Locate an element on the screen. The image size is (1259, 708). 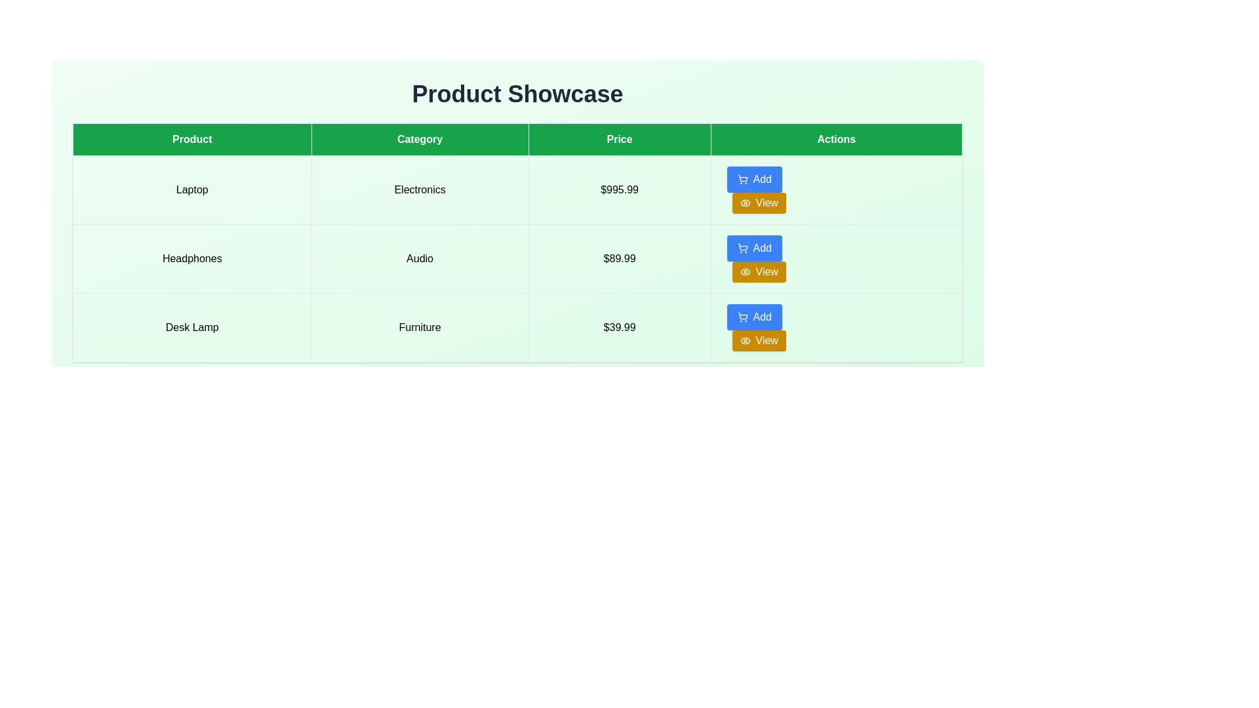
the 'Add' icon in the 'Actions' column of the last row associated with the 'Desk Lamp' product is located at coordinates (742, 317).